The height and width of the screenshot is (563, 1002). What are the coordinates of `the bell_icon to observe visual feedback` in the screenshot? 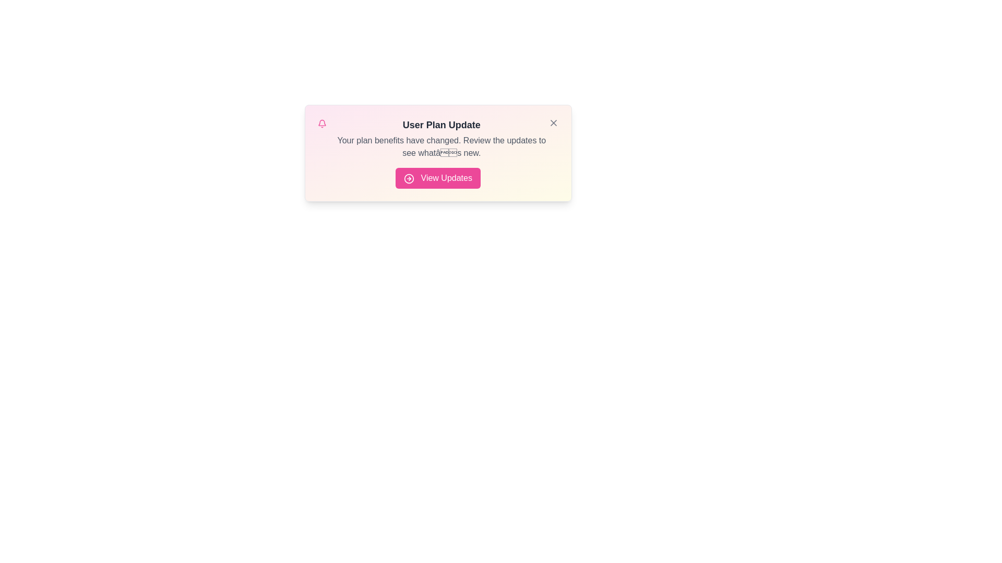 It's located at (321, 124).